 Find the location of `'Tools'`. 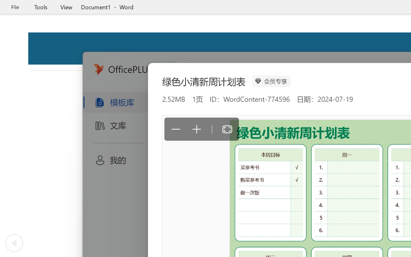

'Tools' is located at coordinates (40, 7).